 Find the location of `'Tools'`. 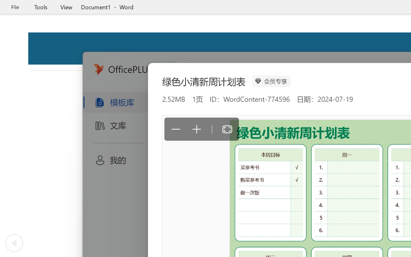

'Tools' is located at coordinates (40, 7).